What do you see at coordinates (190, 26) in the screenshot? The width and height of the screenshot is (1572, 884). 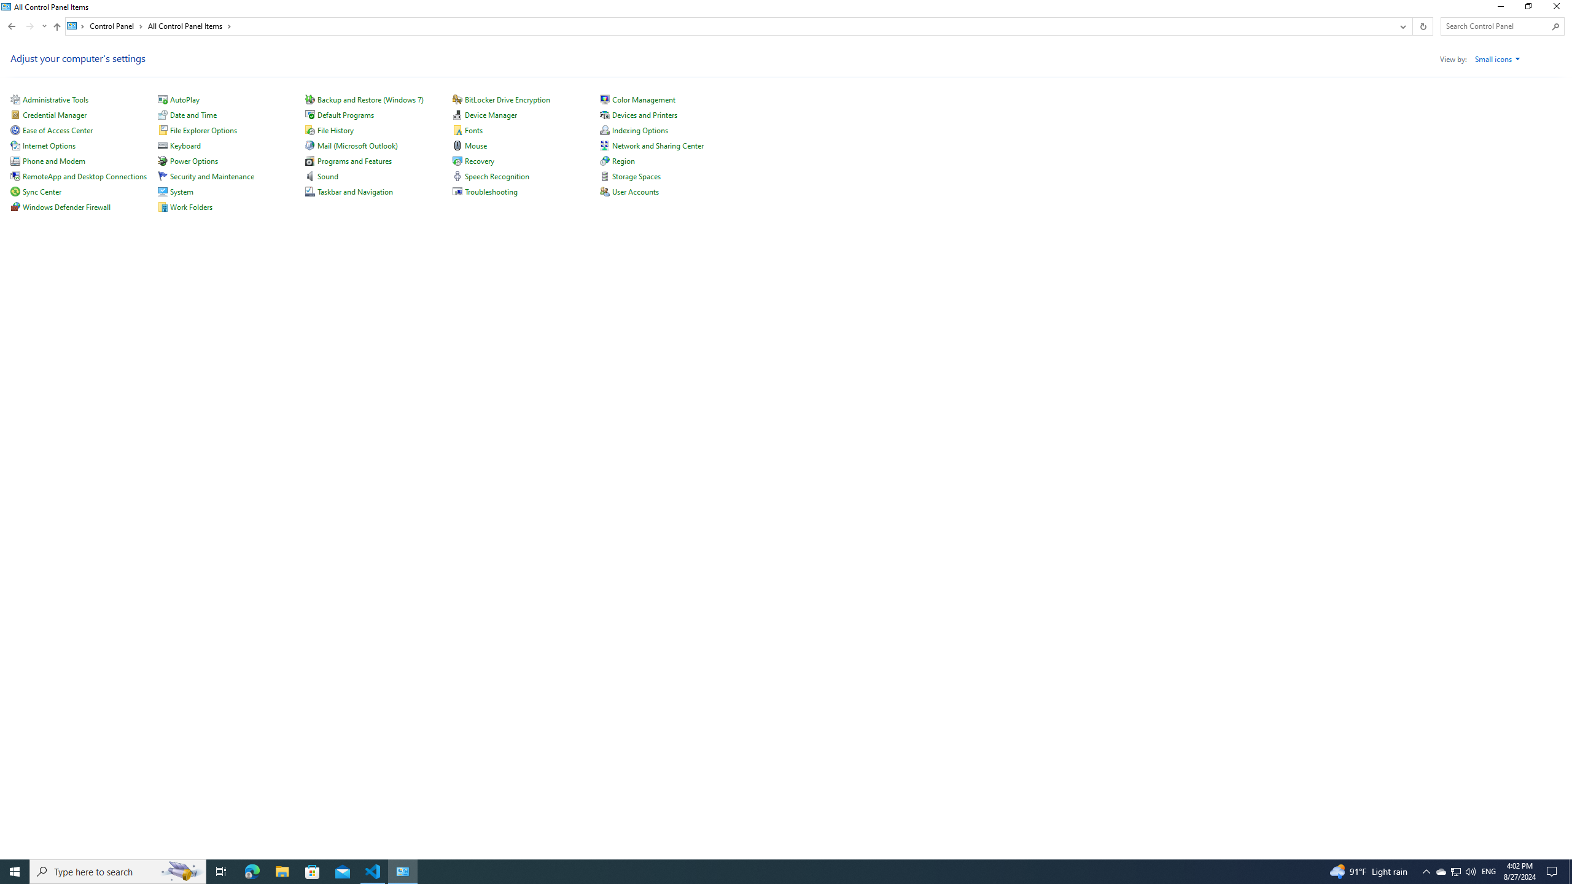 I see `'All Control Panel Items'` at bounding box center [190, 26].